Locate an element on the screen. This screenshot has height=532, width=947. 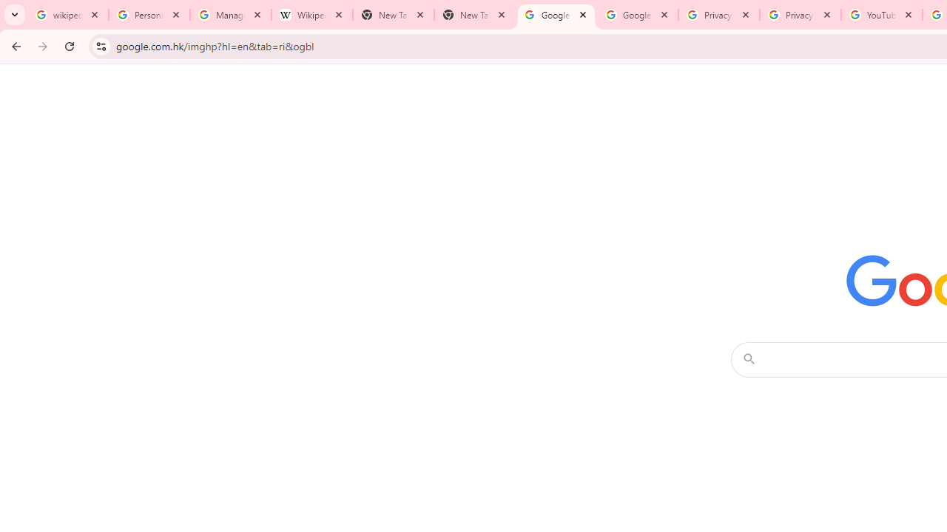
'Personalization & Google Search results - Google Search Help' is located at coordinates (149, 15).